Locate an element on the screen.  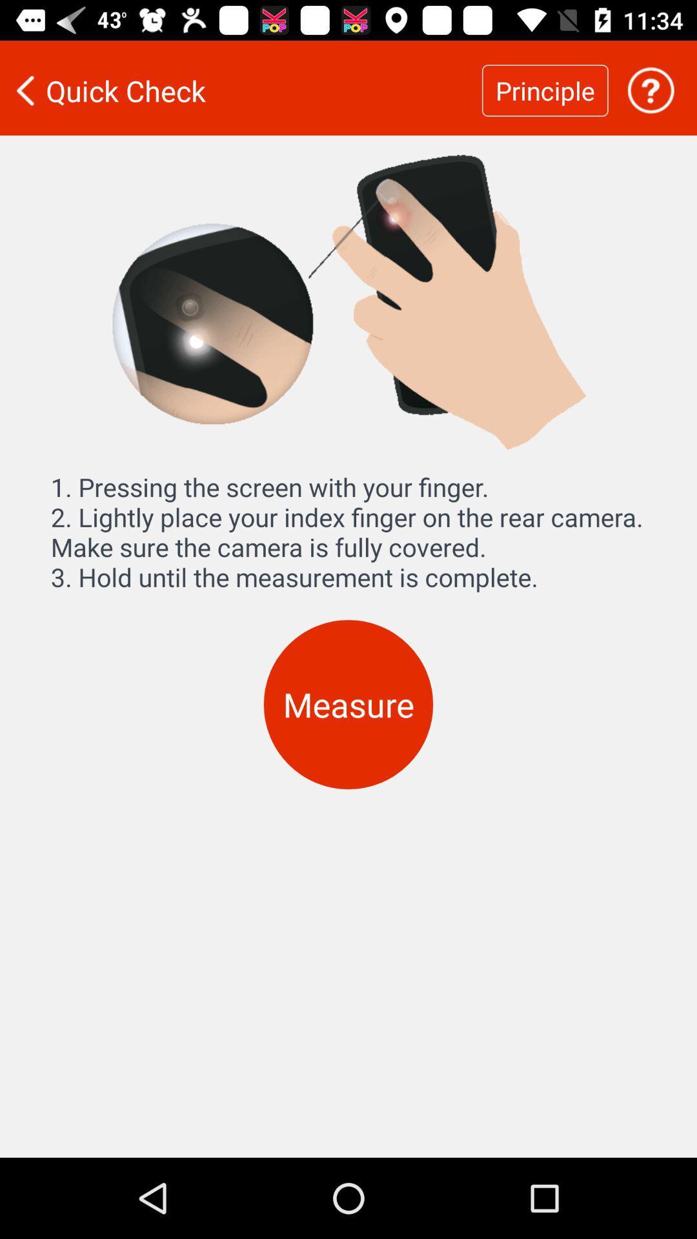
the measure icon is located at coordinates (348, 704).